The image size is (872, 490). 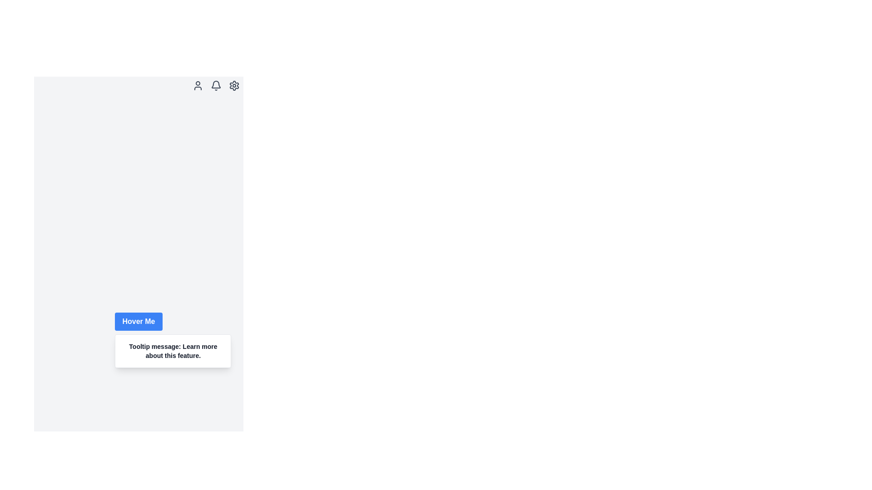 What do you see at coordinates (198, 86) in the screenshot?
I see `the user profile icon located at the top-right corner of the interface` at bounding box center [198, 86].